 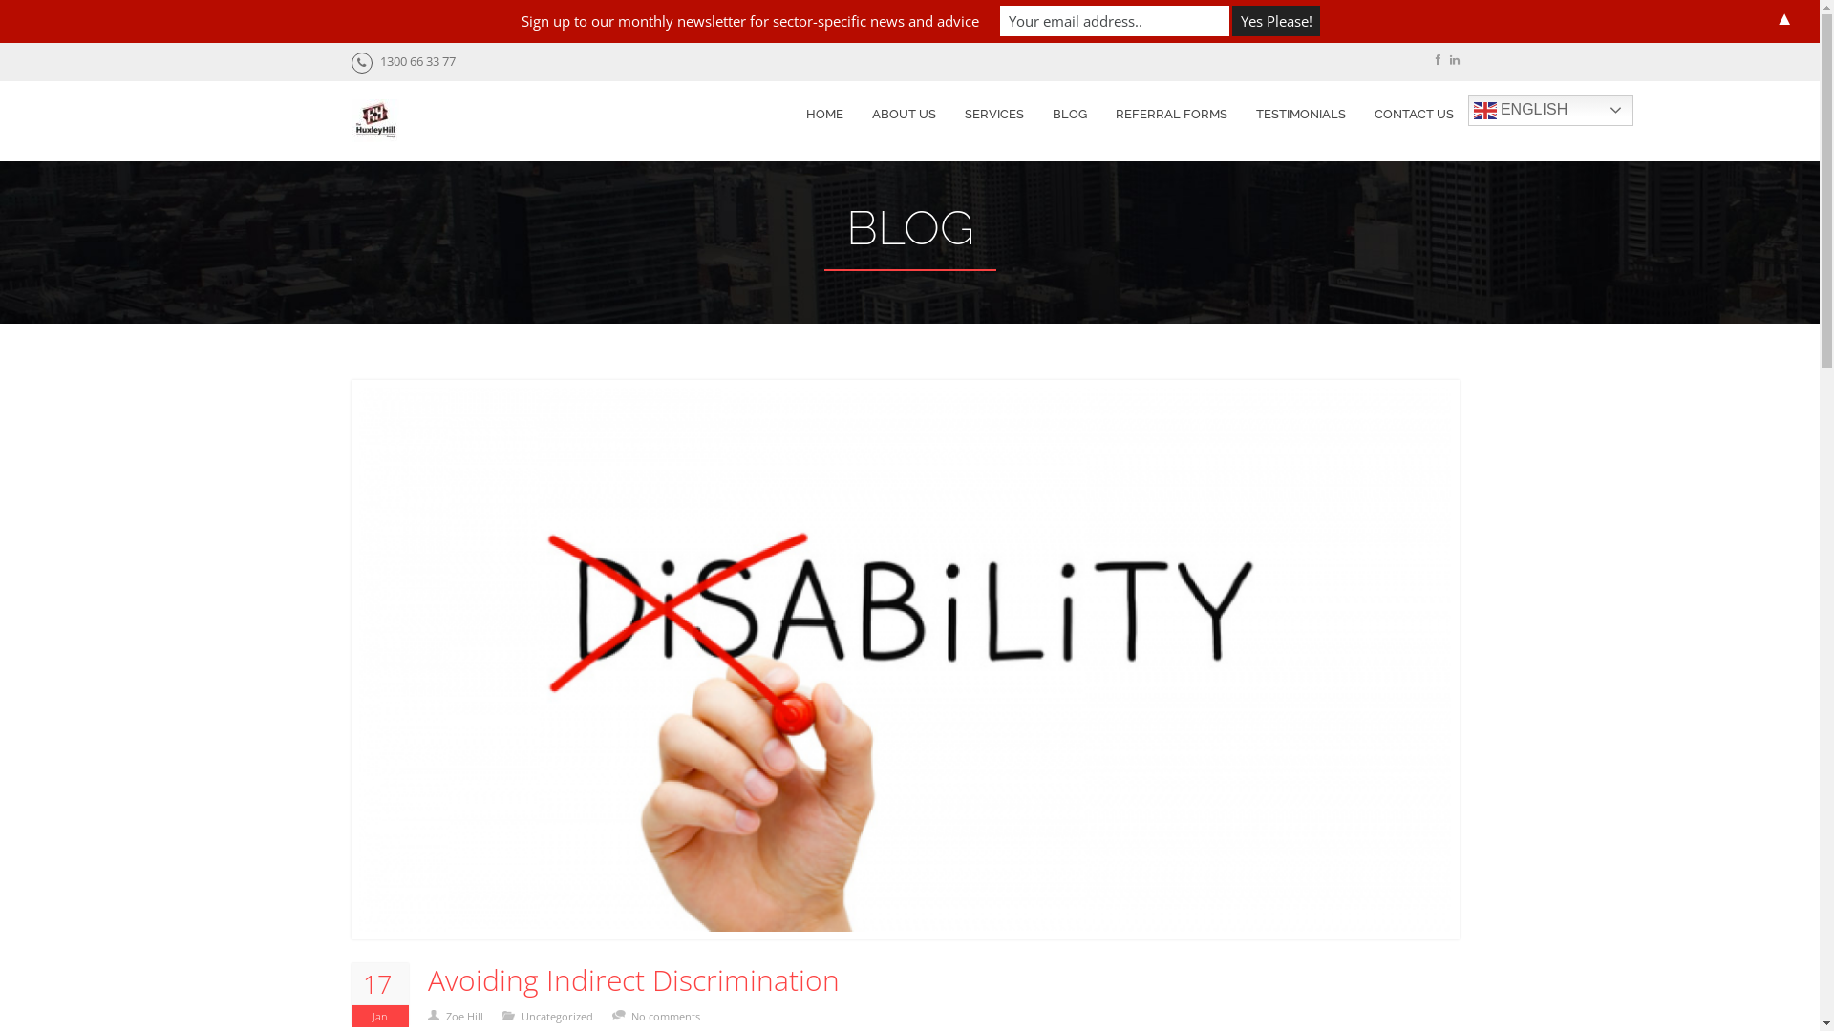 What do you see at coordinates (791, 114) in the screenshot?
I see `'HOME'` at bounding box center [791, 114].